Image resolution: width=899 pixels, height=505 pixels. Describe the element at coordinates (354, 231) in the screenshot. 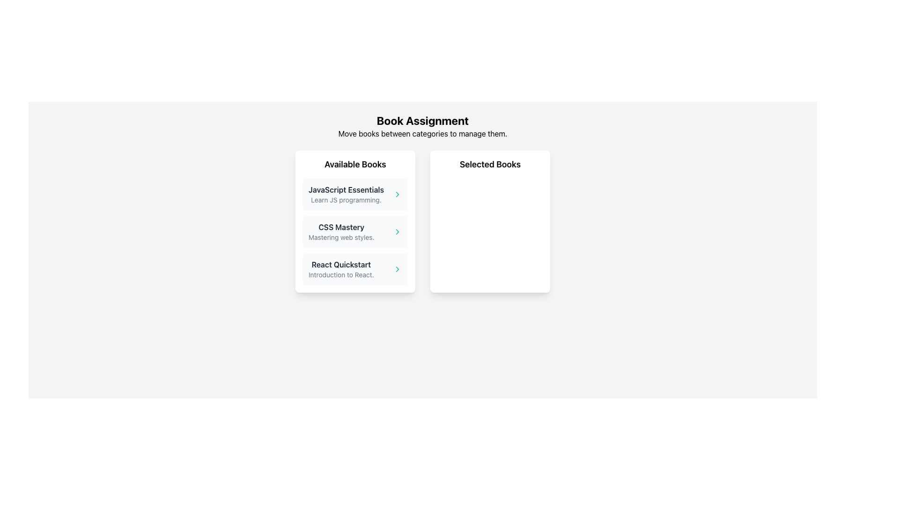

I see `the second entry` at that location.